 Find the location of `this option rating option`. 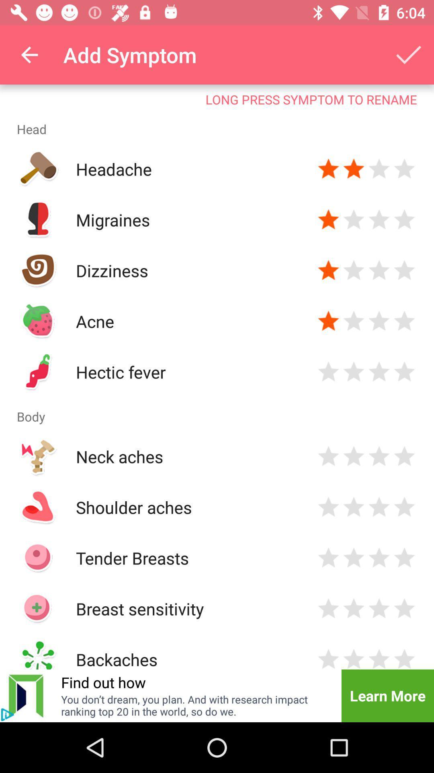

this option rating option is located at coordinates (353, 271).